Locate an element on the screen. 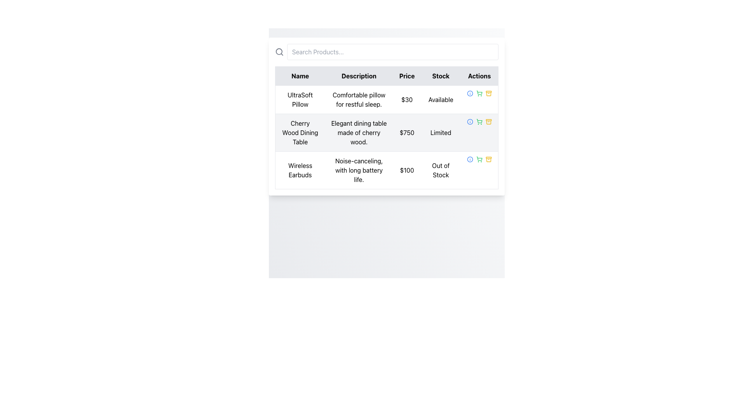 This screenshot has width=746, height=419. the small blue circular icon with an 'info' symbol in the 'Actions' column of the first row for the product 'UltraSoft Pillow' is located at coordinates (469, 93).